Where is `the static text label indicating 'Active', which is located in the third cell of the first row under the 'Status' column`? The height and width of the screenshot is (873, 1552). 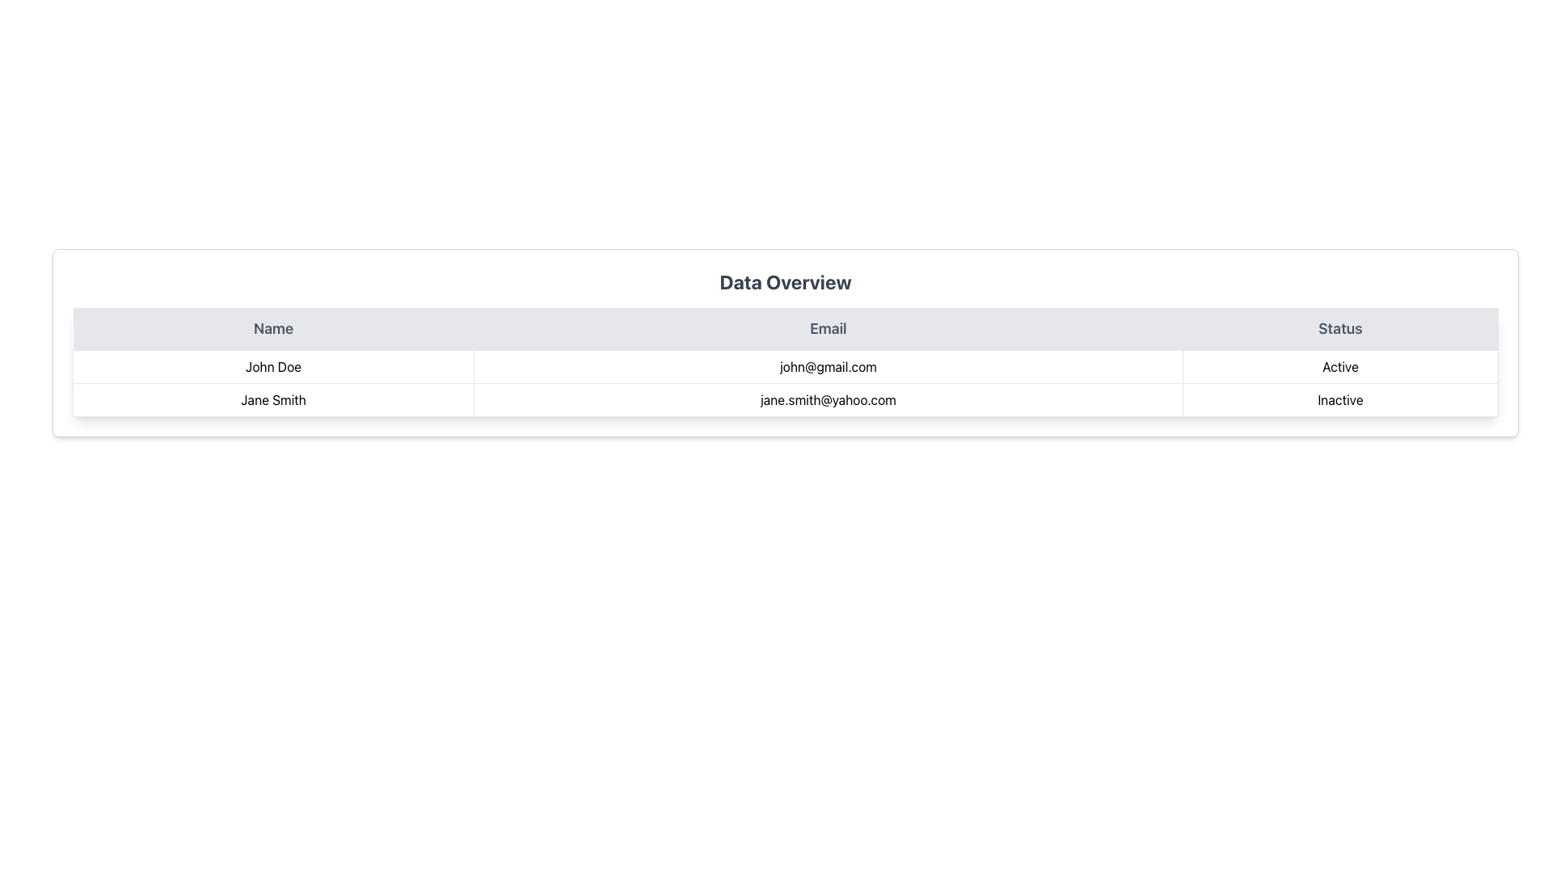
the static text label indicating 'Active', which is located in the third cell of the first row under the 'Status' column is located at coordinates (1340, 367).